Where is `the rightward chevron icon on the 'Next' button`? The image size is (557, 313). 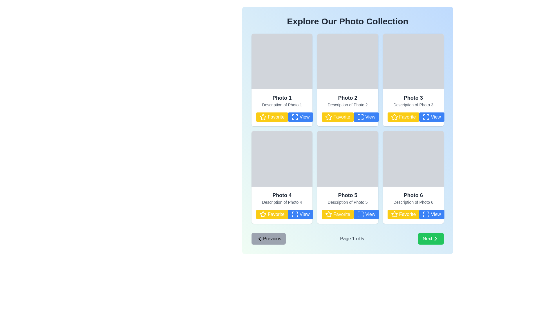 the rightward chevron icon on the 'Next' button is located at coordinates (436, 239).